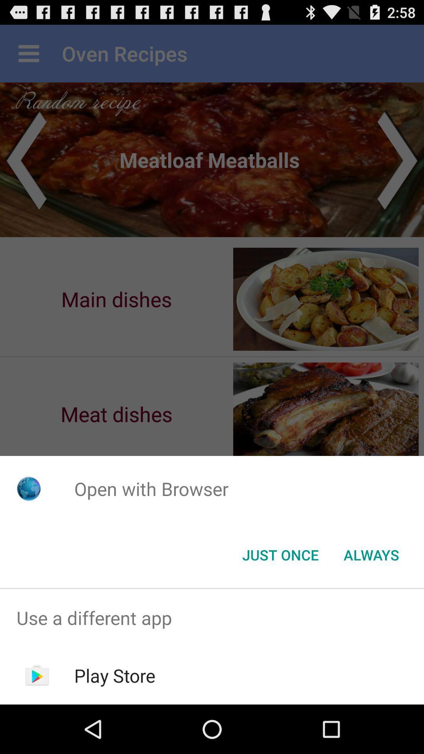 This screenshot has height=754, width=424. Describe the element at coordinates (280, 554) in the screenshot. I see `just once icon` at that location.